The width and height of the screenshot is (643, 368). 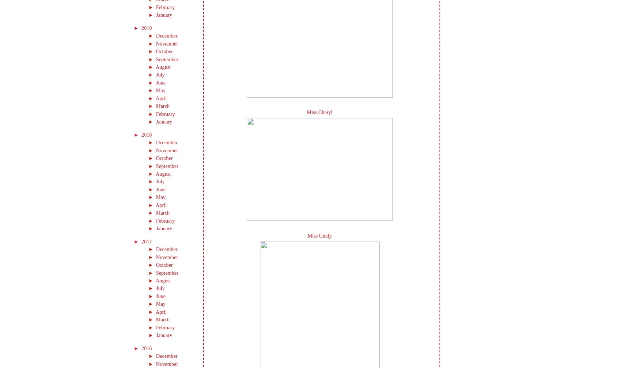 I want to click on 'Miss Cheryl', so click(x=319, y=112).